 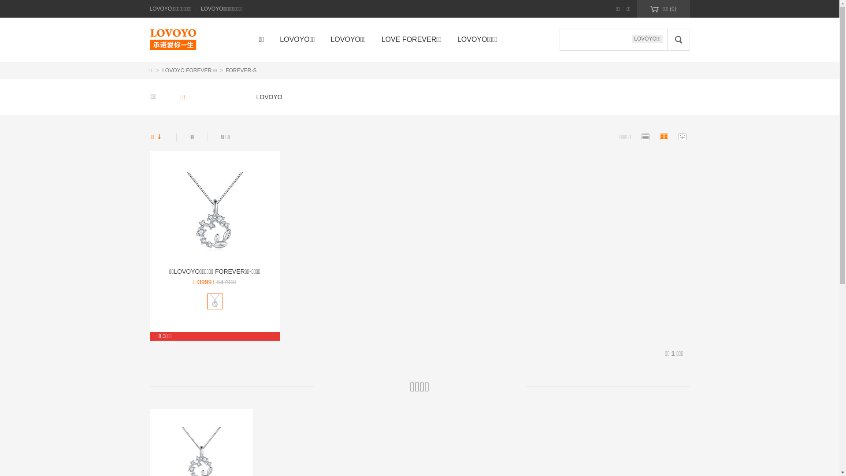 I want to click on 'LOVOYO', so click(x=256, y=97).